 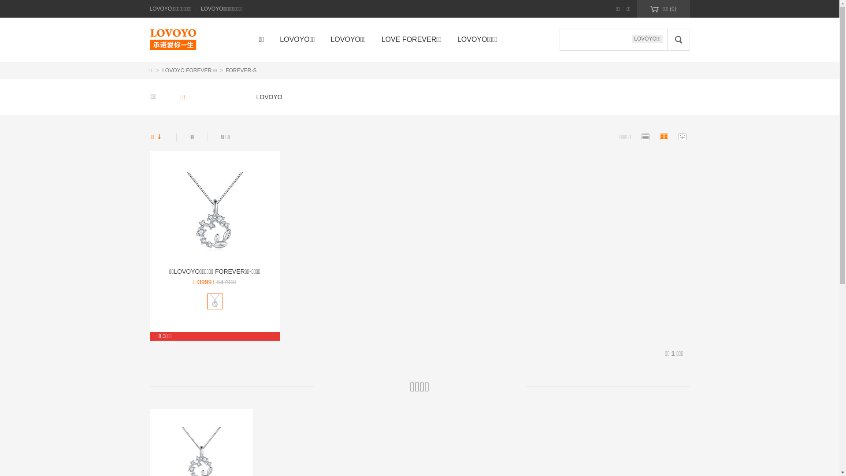 I want to click on 'LOVOYO', so click(x=256, y=97).